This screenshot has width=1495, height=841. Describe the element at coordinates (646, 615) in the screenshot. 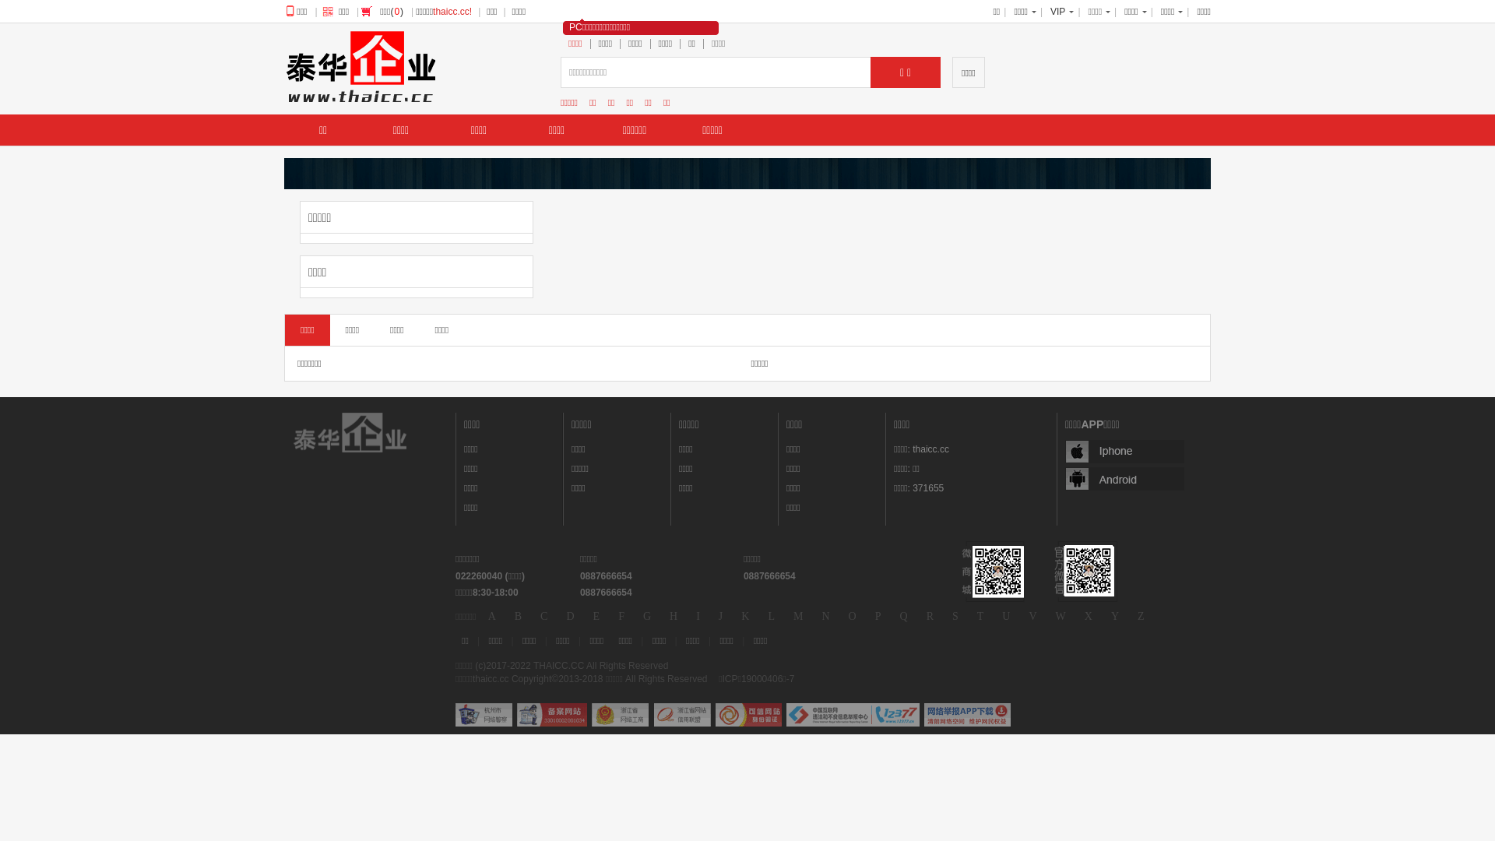

I see `'G'` at that location.